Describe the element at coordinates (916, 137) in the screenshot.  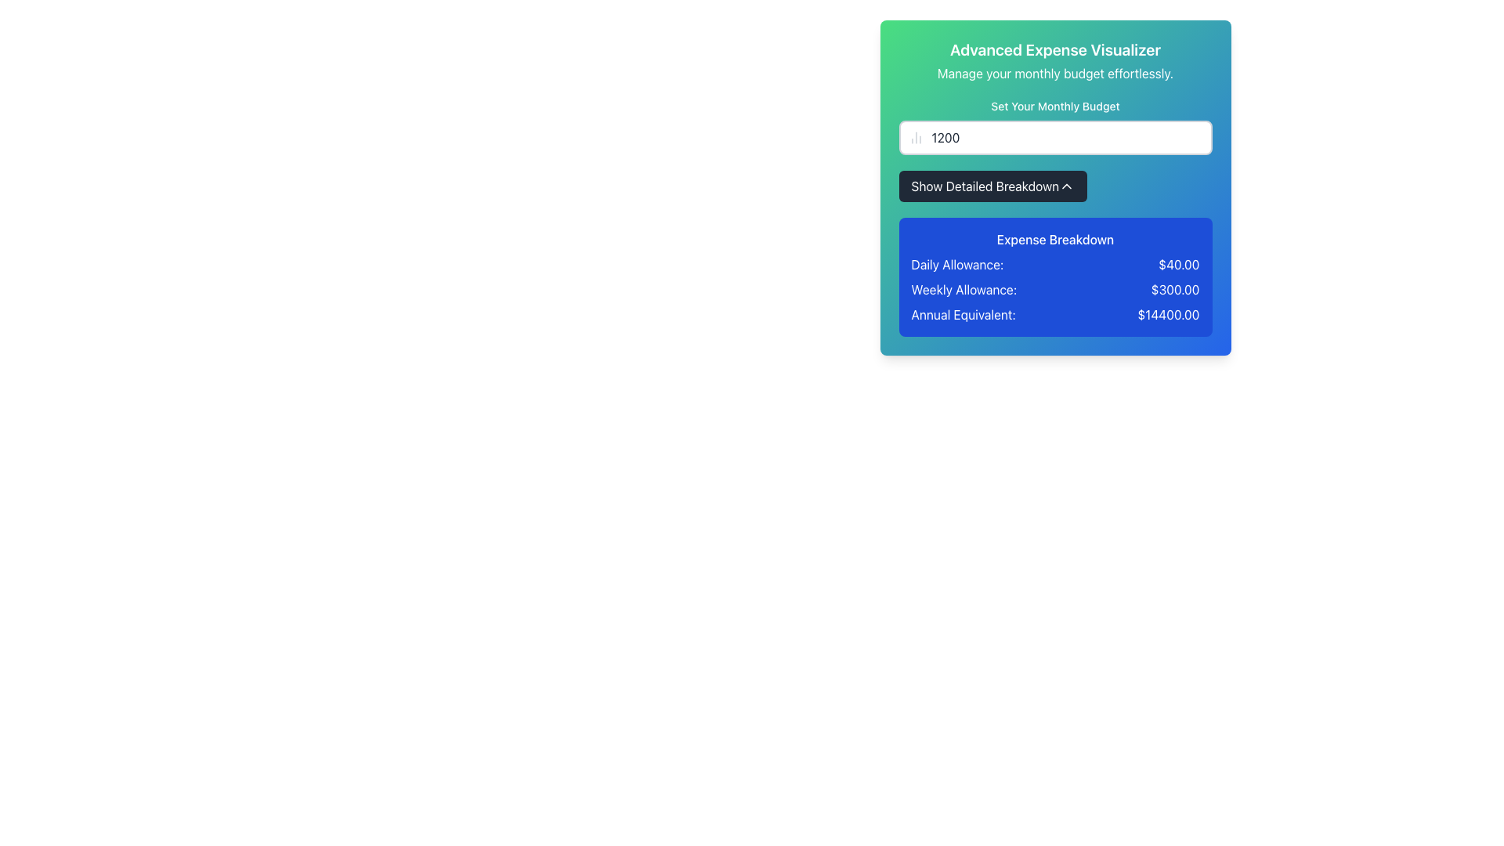
I see `the decorative icon associated with the monthly budget input field, located to the left of the input field and centered vertically` at that location.